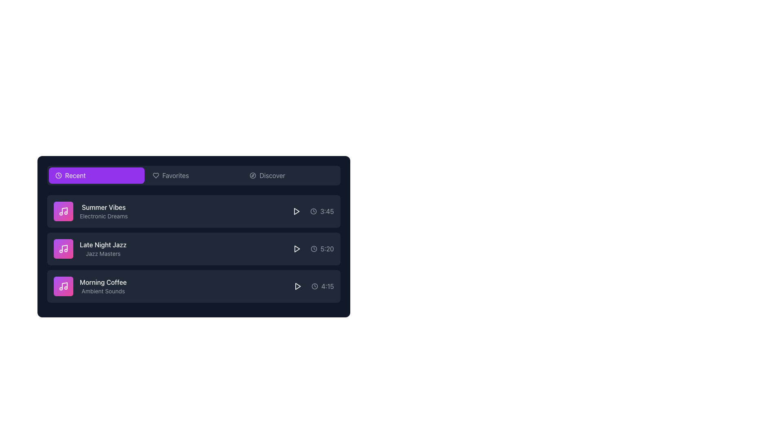 This screenshot has height=440, width=782. What do you see at coordinates (313, 248) in the screenshot?
I see `the circular outline with a gray background that represents the clock icon for the 'Late Night Jazz' track, positioned to the left of the play button in the second row of the list` at bounding box center [313, 248].